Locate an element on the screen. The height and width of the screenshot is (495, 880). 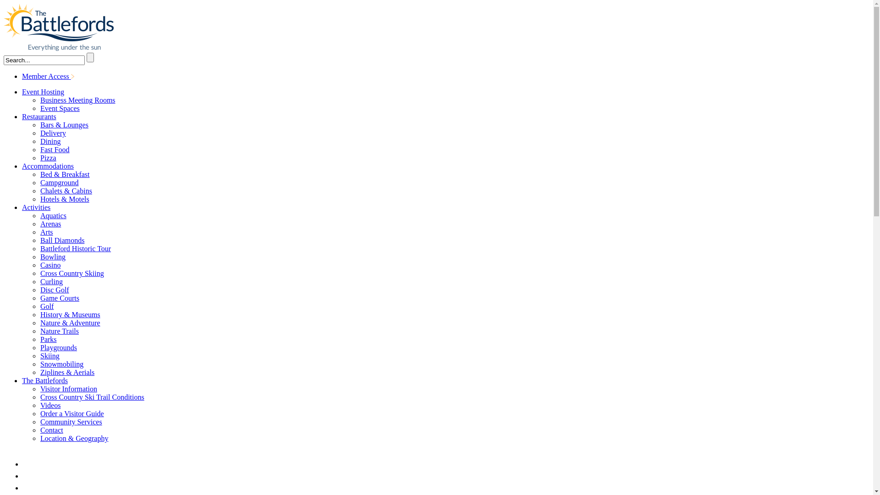
'Activities' is located at coordinates (36, 207).